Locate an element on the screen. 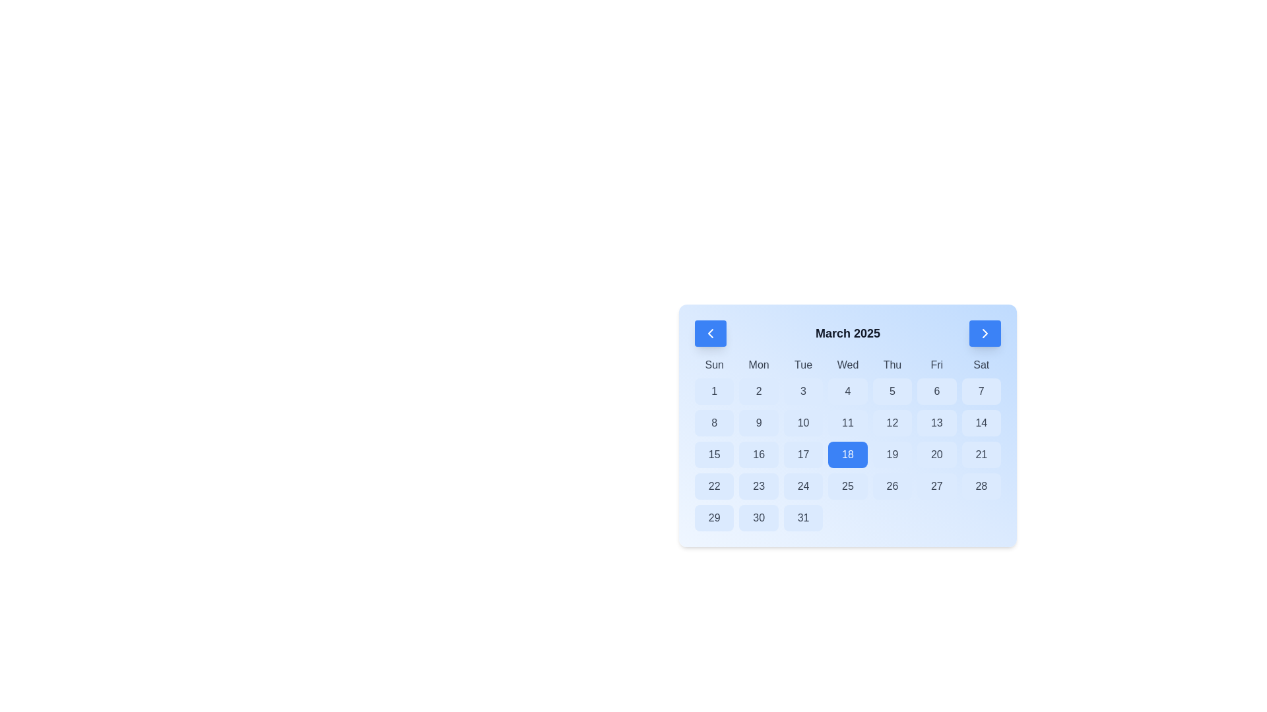 The image size is (1267, 712). the label displaying 'Thu' in the grid calendar layout, which is the fifth weekday header starting from 'Sun' is located at coordinates (892, 365).